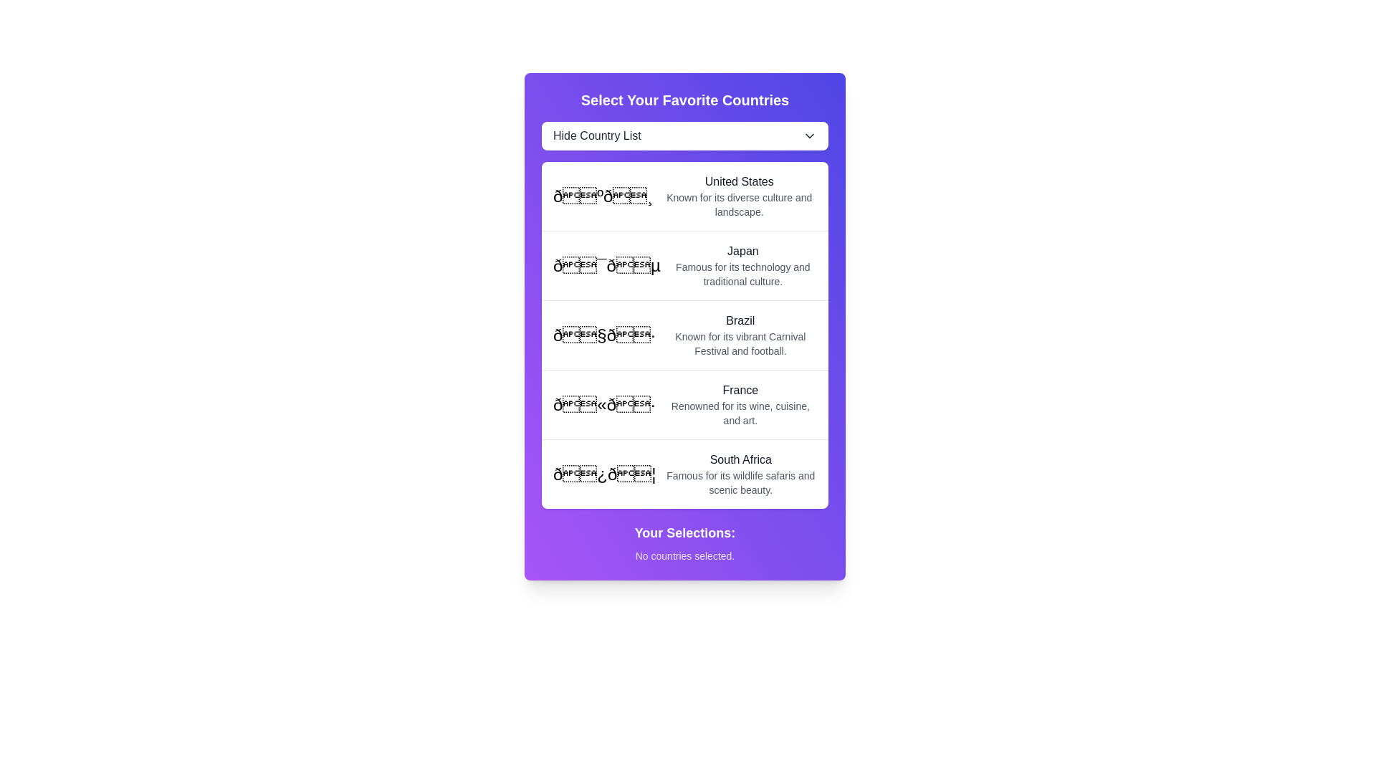 The width and height of the screenshot is (1376, 774). Describe the element at coordinates (684, 135) in the screenshot. I see `the Dropdown toggle button labeled 'Hide Country List'` at that location.